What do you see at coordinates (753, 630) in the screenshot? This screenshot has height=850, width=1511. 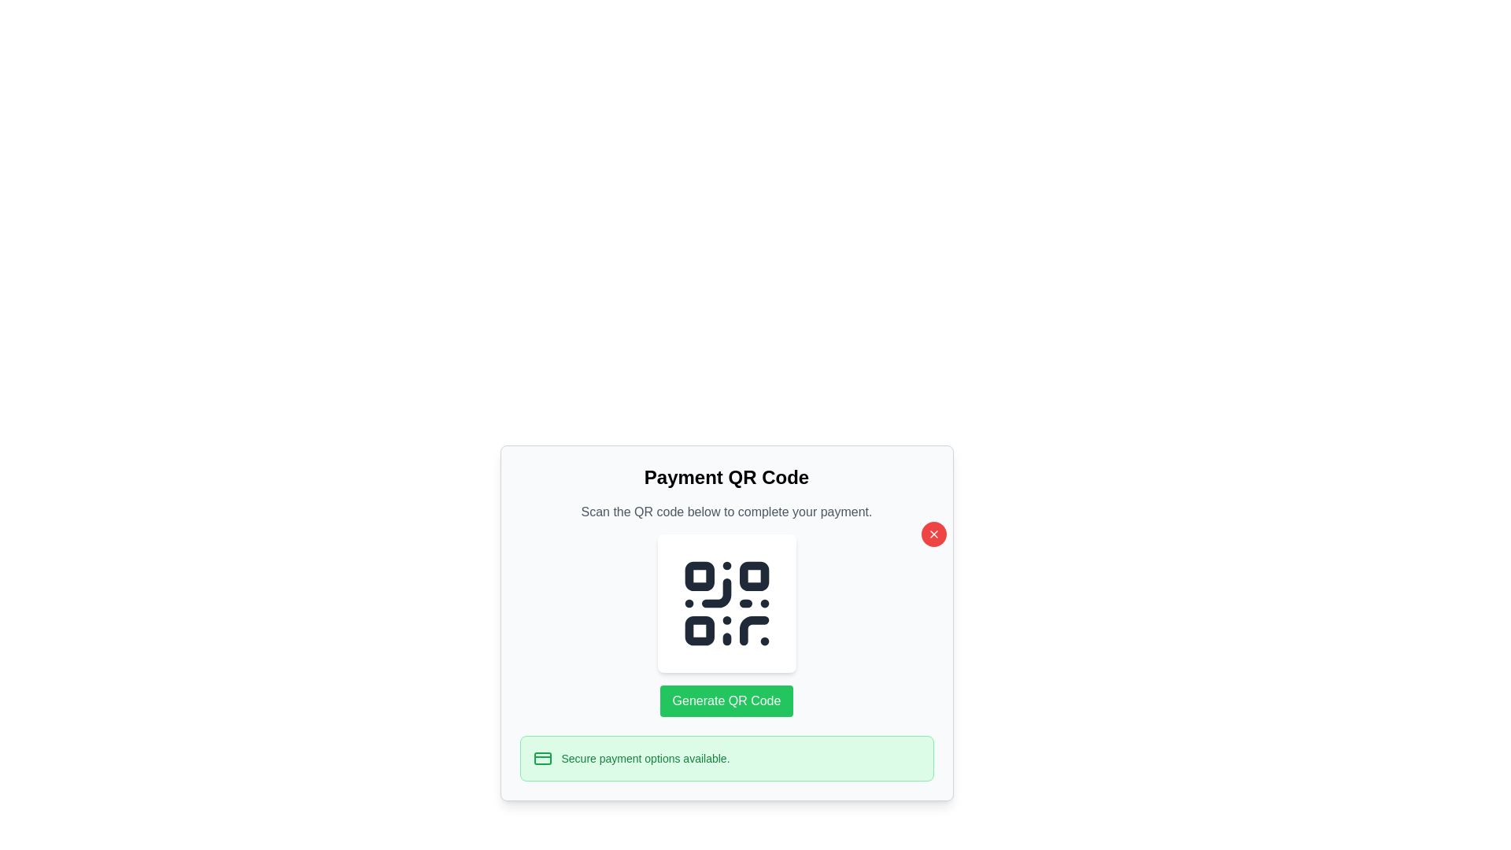 I see `the distinctive line feature in the lower-right corner of the QR code displayed on the 'Payment QR Code' modal` at bounding box center [753, 630].